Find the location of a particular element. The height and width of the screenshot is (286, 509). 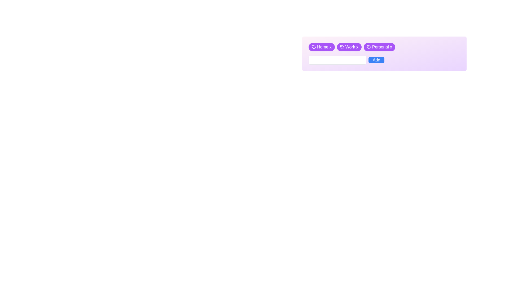

a tag within the horizontal list of tags that has a purple background and white text, indicating it is removable is located at coordinates (384, 47).